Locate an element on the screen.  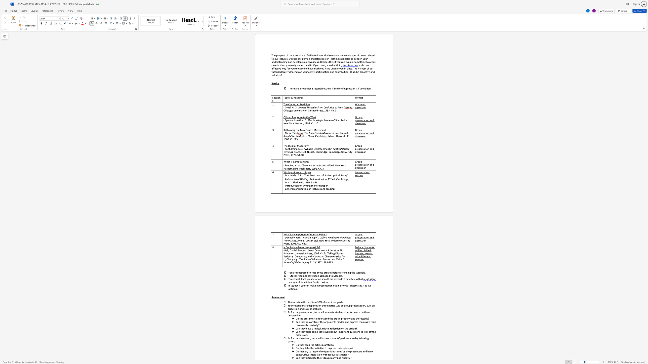
the 2th character "t" in the text is located at coordinates (325, 71).